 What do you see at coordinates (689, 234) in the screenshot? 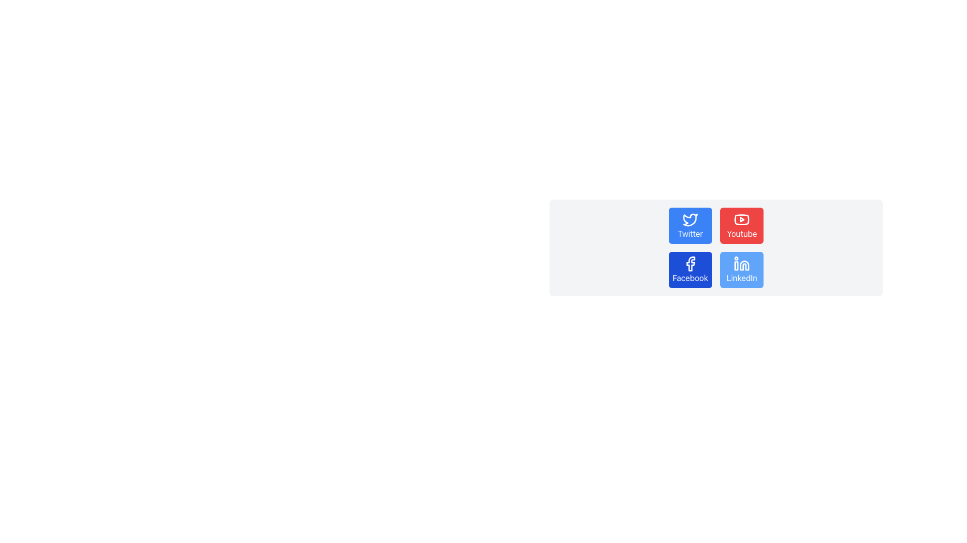
I see `text from the Twitter label located in the top-left cell of the social media buttons grid` at bounding box center [689, 234].